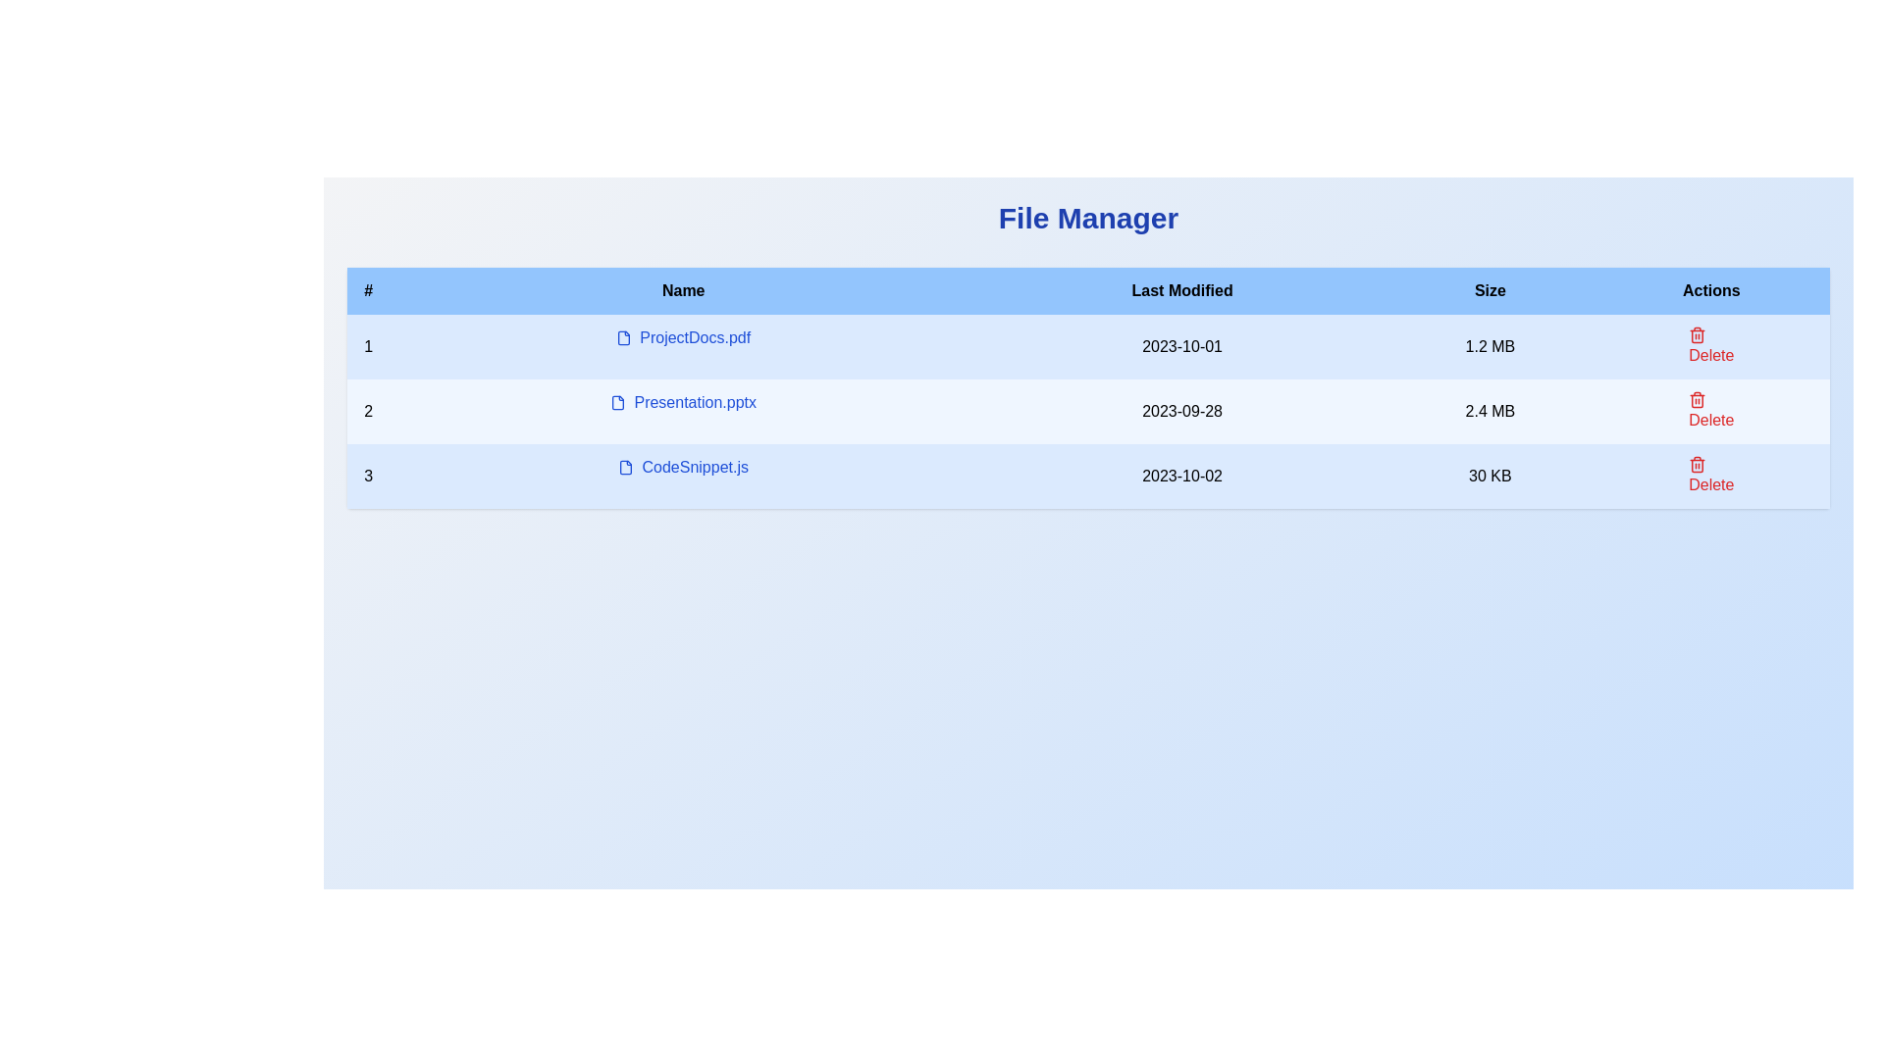 The image size is (1884, 1059). I want to click on the header label for the row numbering column in the table, located at the top left among its siblings ('Name', 'Last Modified', 'Size', 'Actions'), so click(368, 291).